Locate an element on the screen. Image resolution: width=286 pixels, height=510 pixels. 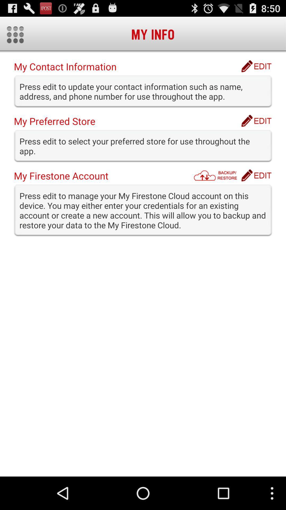
the item to the right of the my firestone account item is located at coordinates (217, 175).